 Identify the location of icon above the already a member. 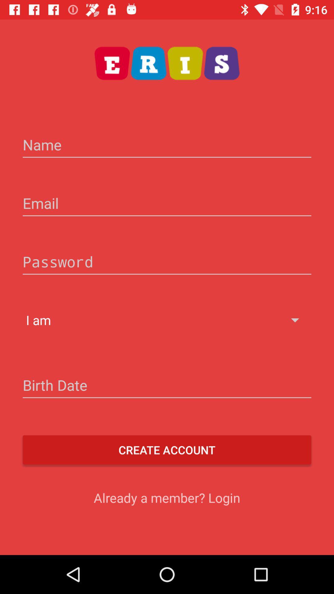
(167, 450).